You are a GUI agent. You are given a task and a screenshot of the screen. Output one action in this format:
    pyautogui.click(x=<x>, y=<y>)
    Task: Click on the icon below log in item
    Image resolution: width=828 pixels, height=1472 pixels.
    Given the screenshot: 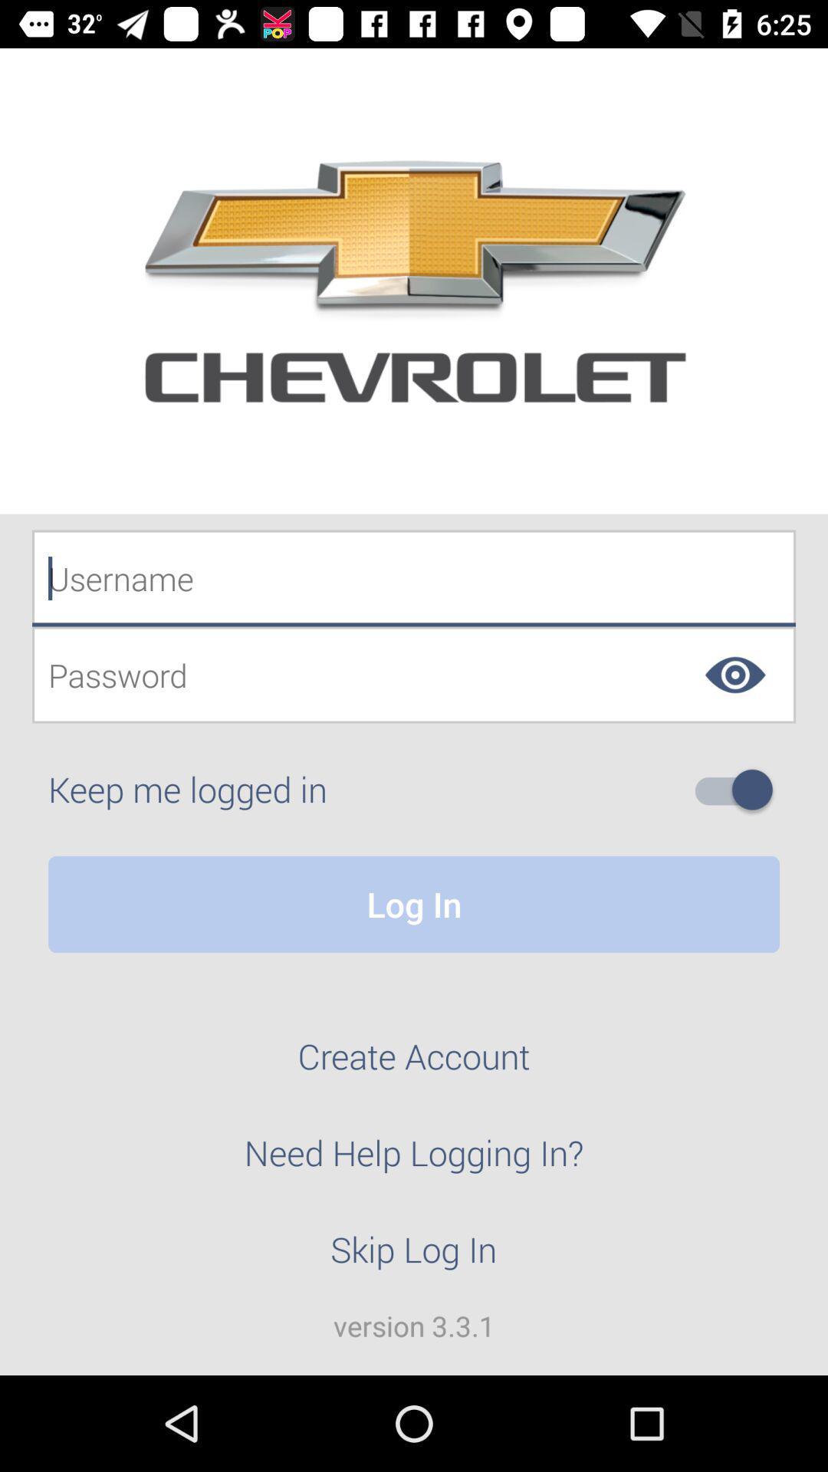 What is the action you would take?
    pyautogui.click(x=414, y=1064)
    